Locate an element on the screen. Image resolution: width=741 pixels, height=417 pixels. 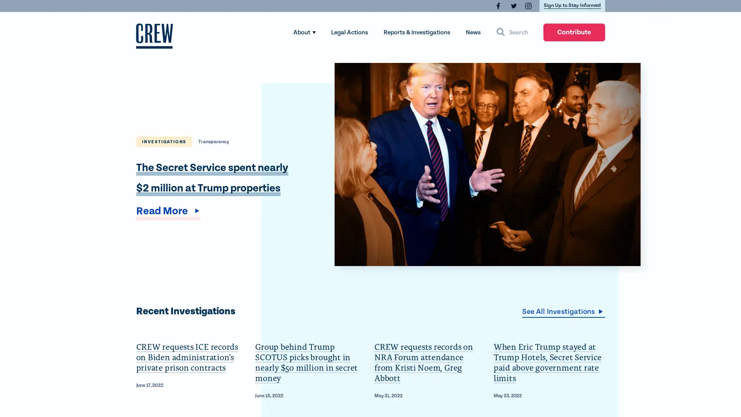
Search is located at coordinates (512, 32).